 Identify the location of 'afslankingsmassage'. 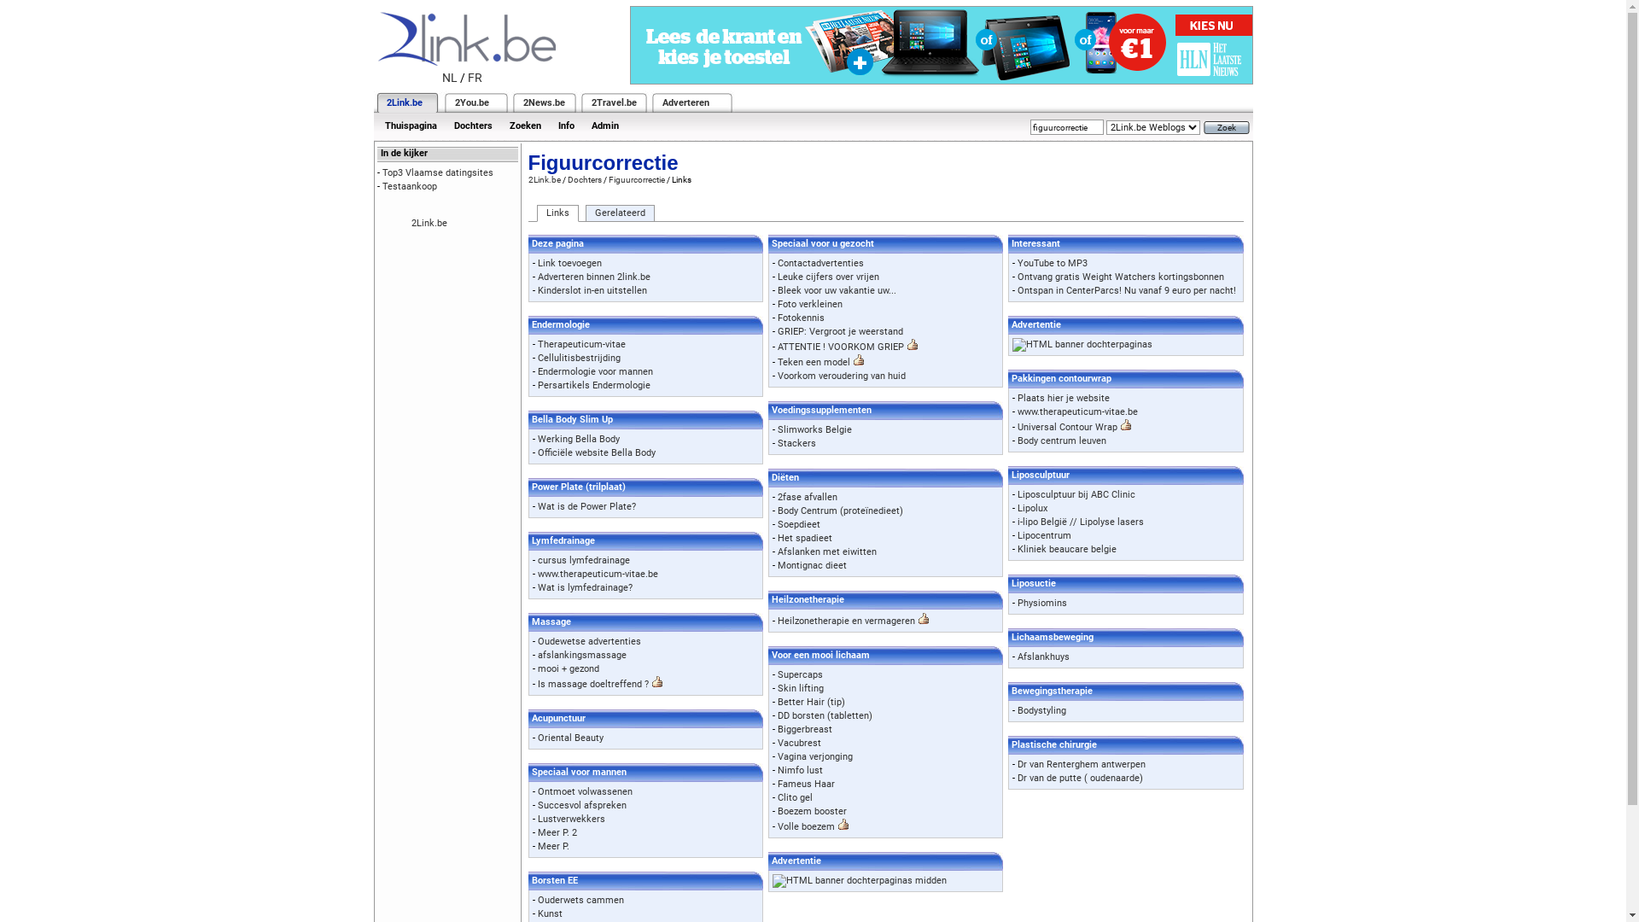
(581, 654).